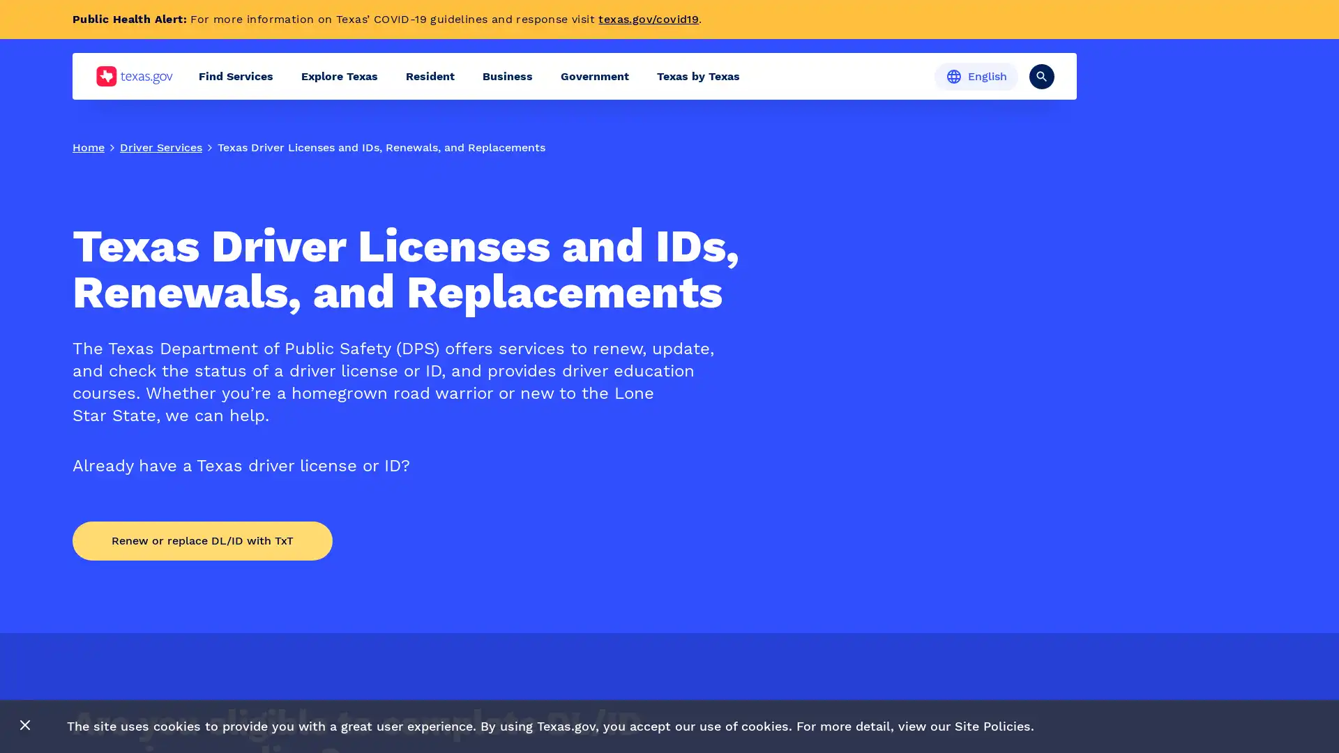  I want to click on Find Services, so click(236, 76).